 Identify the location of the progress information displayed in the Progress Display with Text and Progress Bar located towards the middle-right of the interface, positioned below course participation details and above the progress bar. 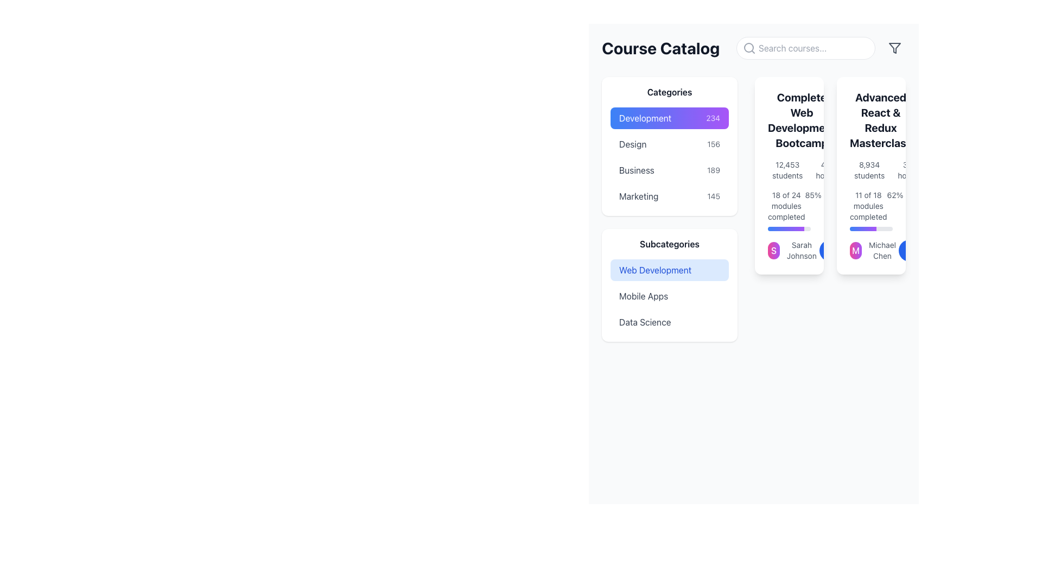
(789, 211).